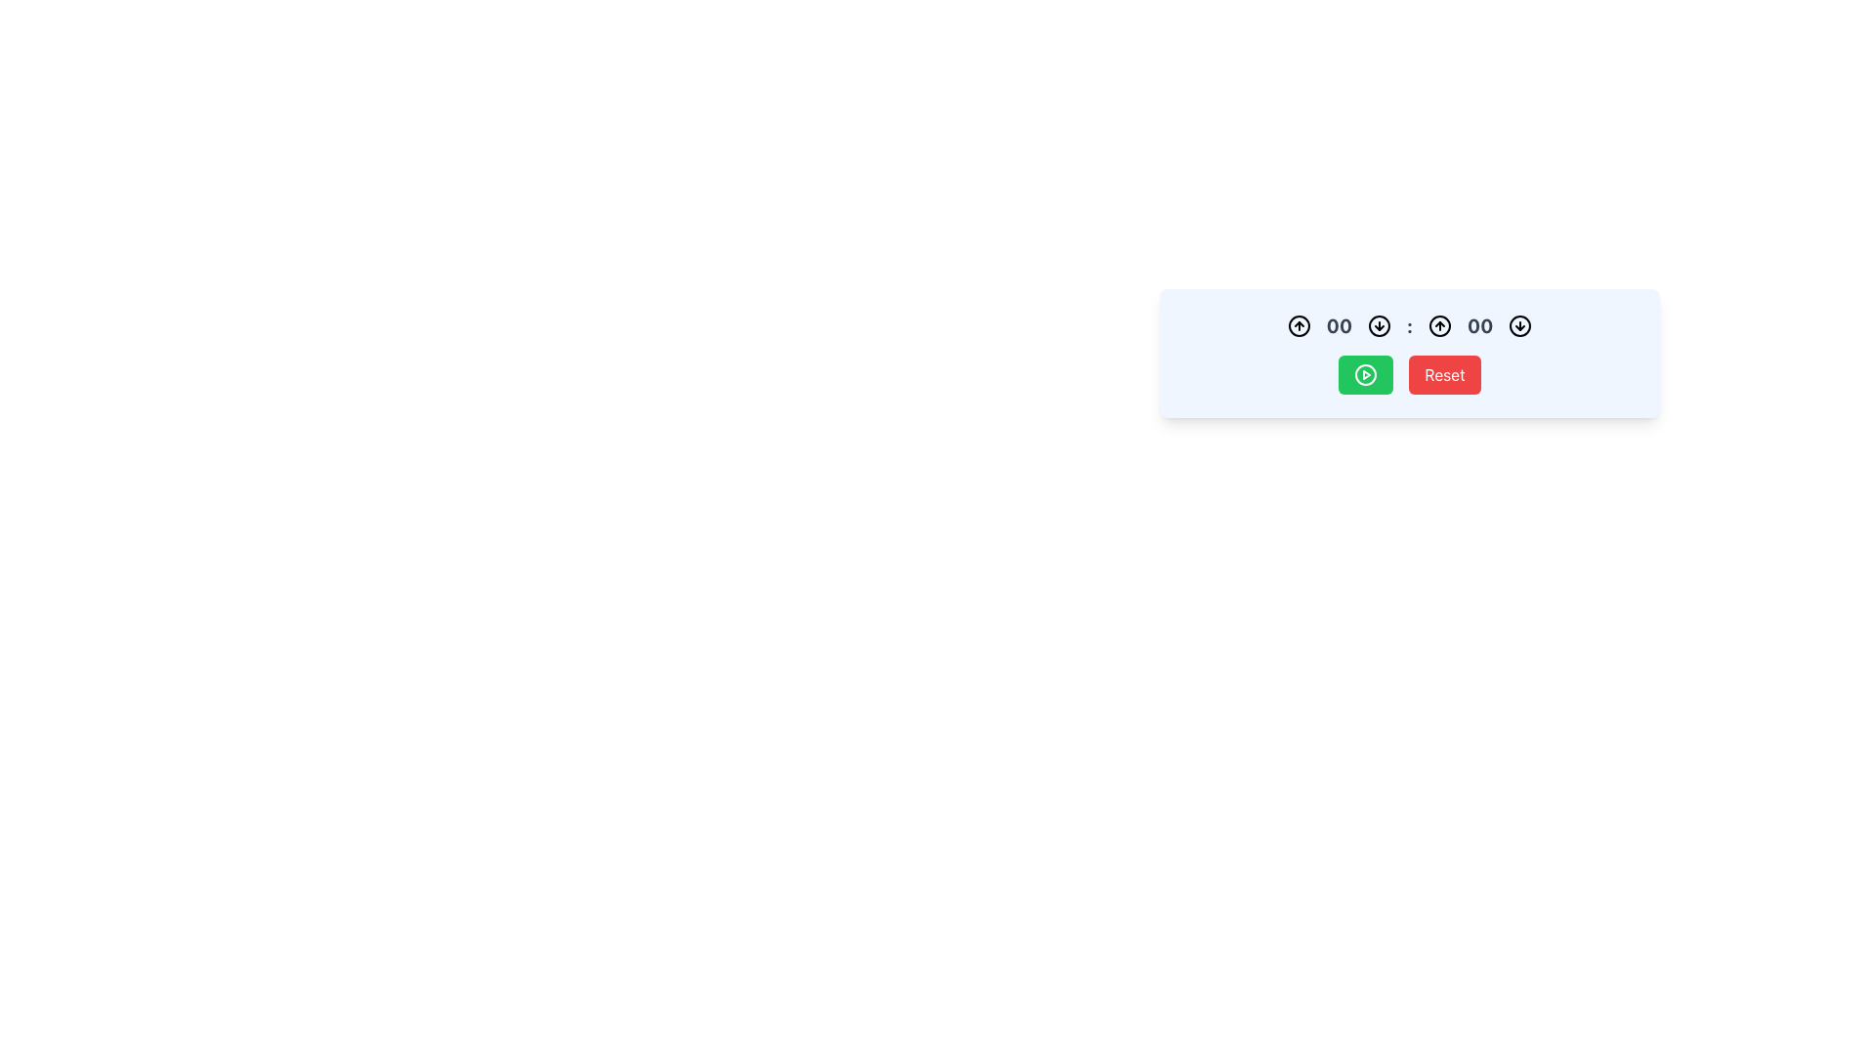 Image resolution: width=1876 pixels, height=1055 pixels. Describe the element at coordinates (1299, 325) in the screenshot. I see `the circular button with an upward arrow in the left time-setter section of the time control interface` at that location.